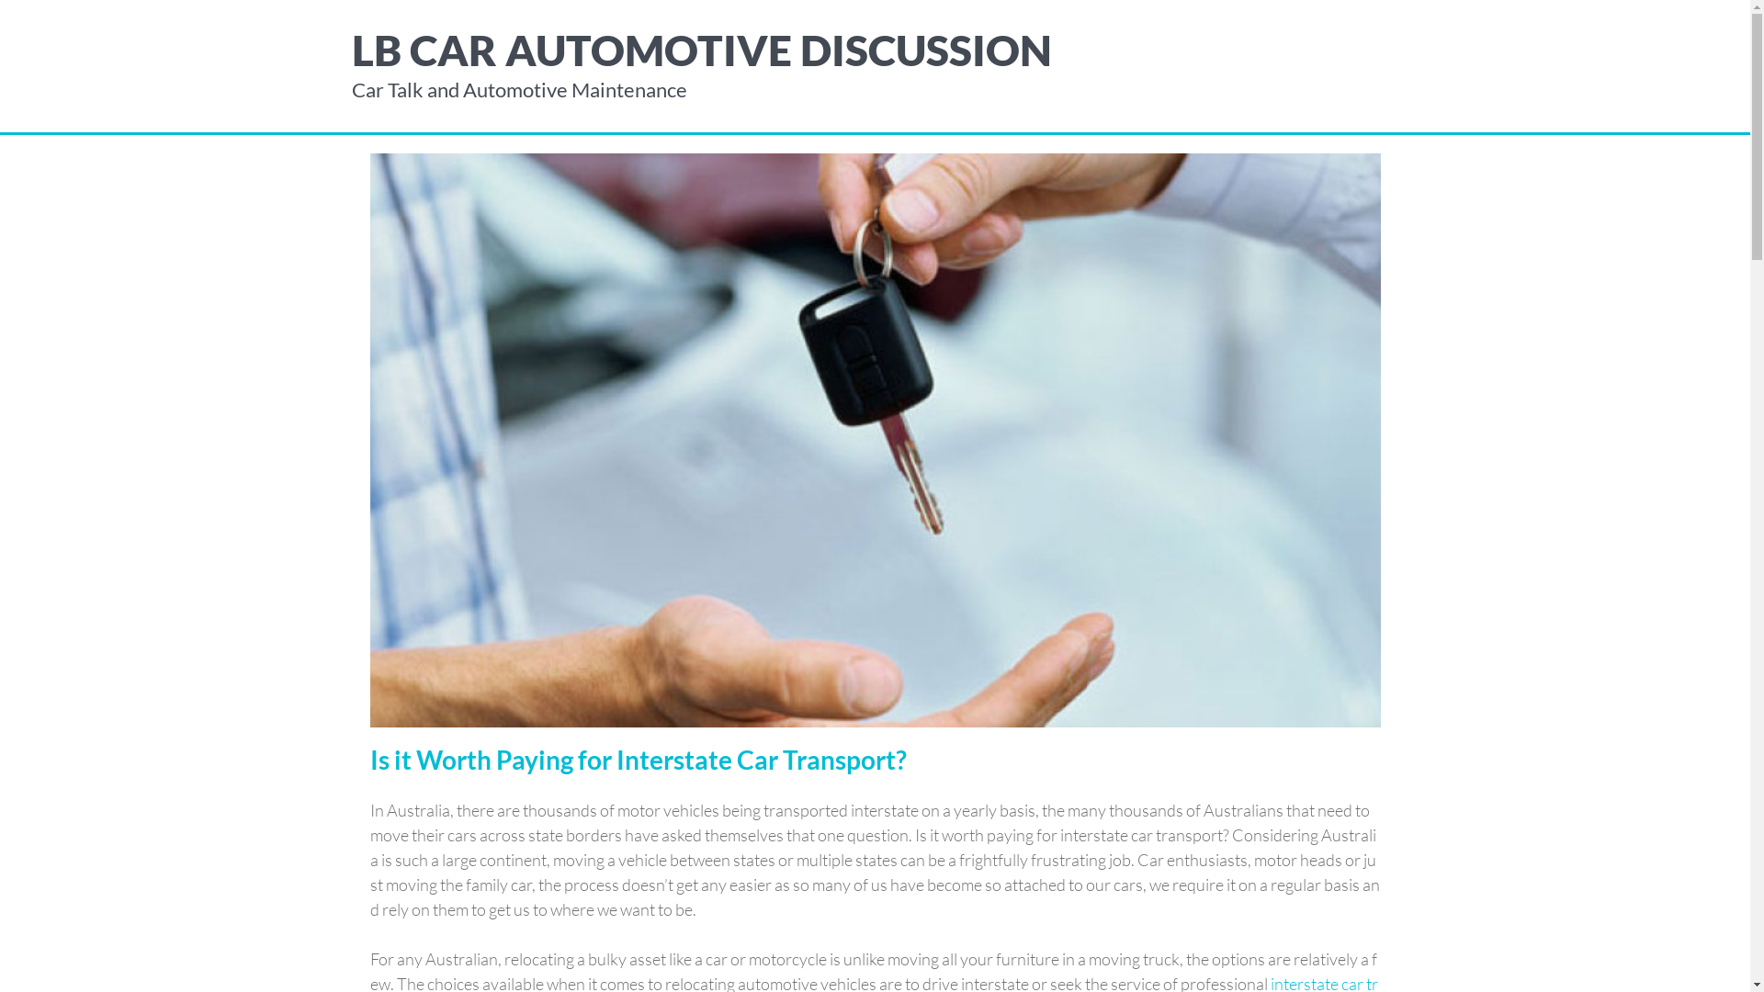 The image size is (1764, 992). Describe the element at coordinates (0, 0) in the screenshot. I see `'Skip to content'` at that location.